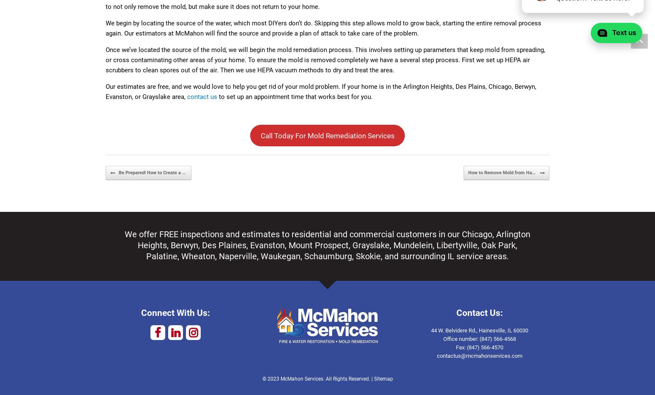  Describe the element at coordinates (461, 339) in the screenshot. I see `'Office number:'` at that location.